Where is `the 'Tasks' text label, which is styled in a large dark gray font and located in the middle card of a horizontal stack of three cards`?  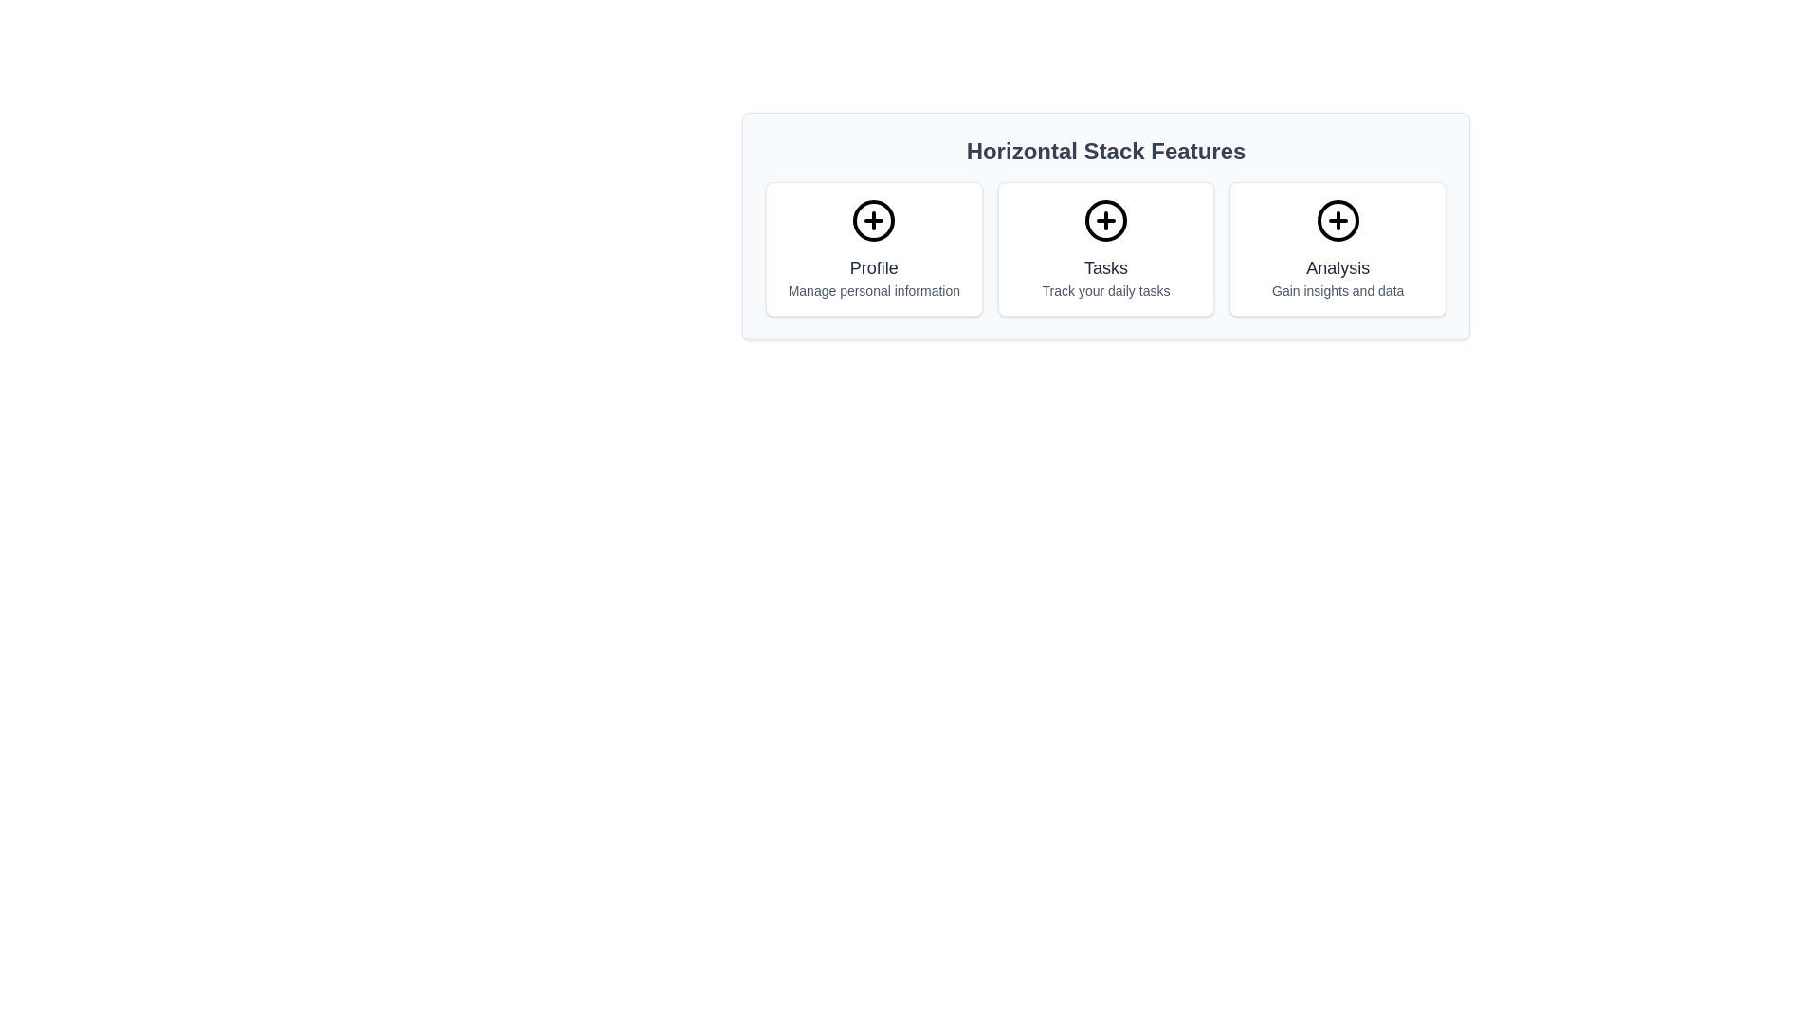 the 'Tasks' text label, which is styled in a large dark gray font and located in the middle card of a horizontal stack of three cards is located at coordinates (1105, 267).